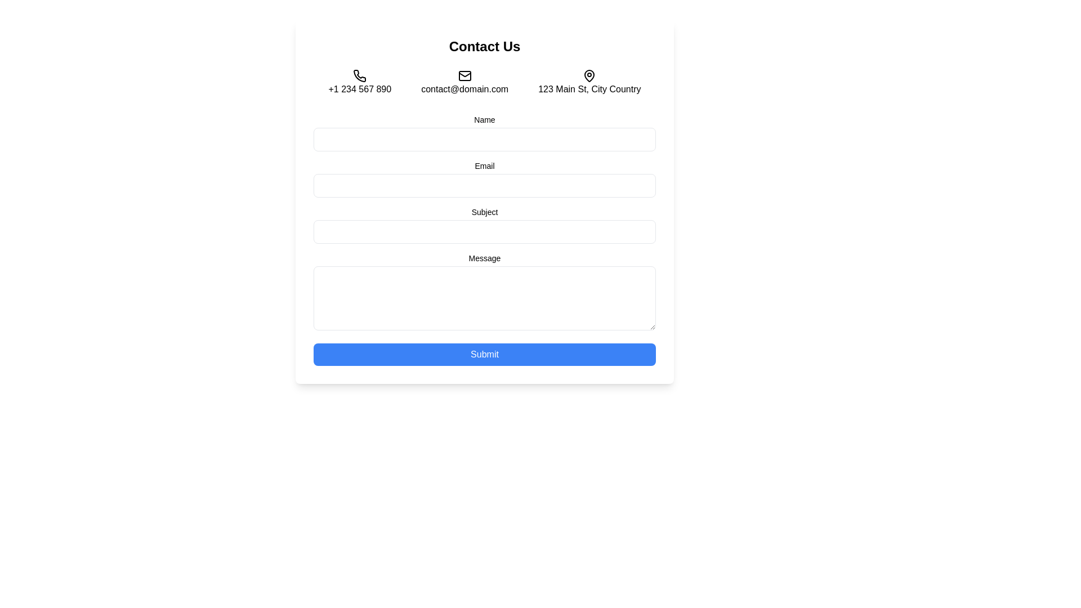 The height and width of the screenshot is (608, 1081). Describe the element at coordinates (359, 76) in the screenshot. I see `the contact icon located centrally at the top of the page, which represents the phone contact information for '+1 234 567 890'` at that location.